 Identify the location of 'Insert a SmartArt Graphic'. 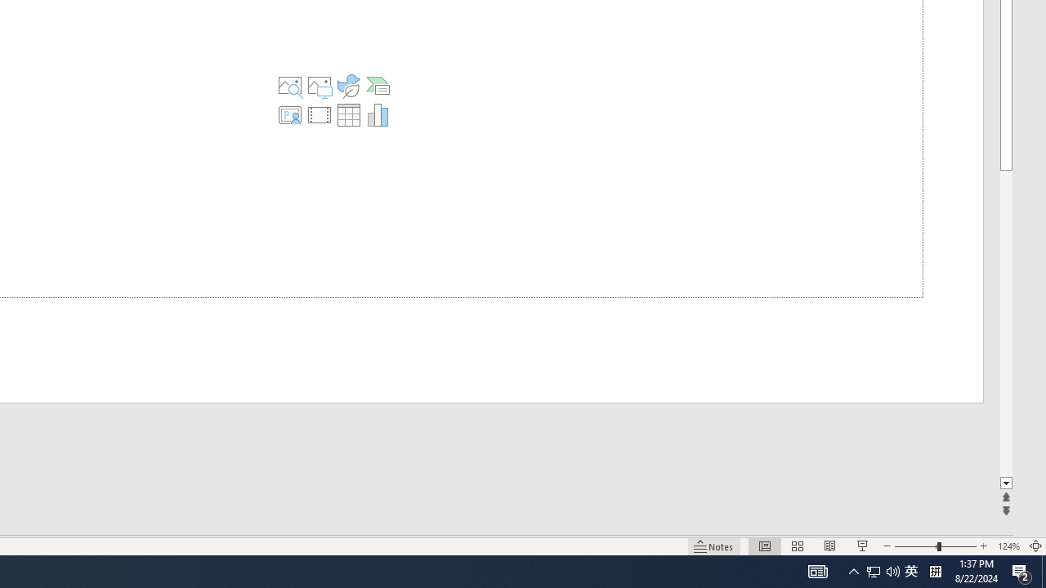
(377, 86).